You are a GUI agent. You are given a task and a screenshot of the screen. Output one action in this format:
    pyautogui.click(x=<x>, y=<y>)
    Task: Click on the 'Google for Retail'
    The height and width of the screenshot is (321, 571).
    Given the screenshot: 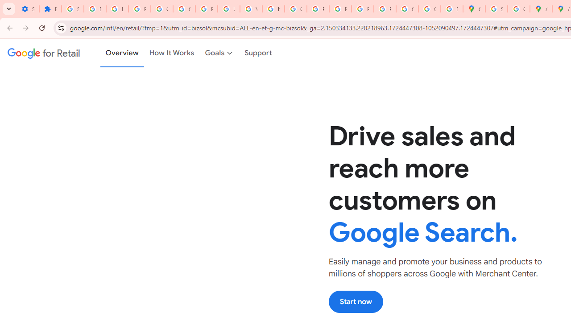 What is the action you would take?
    pyautogui.click(x=43, y=53)
    